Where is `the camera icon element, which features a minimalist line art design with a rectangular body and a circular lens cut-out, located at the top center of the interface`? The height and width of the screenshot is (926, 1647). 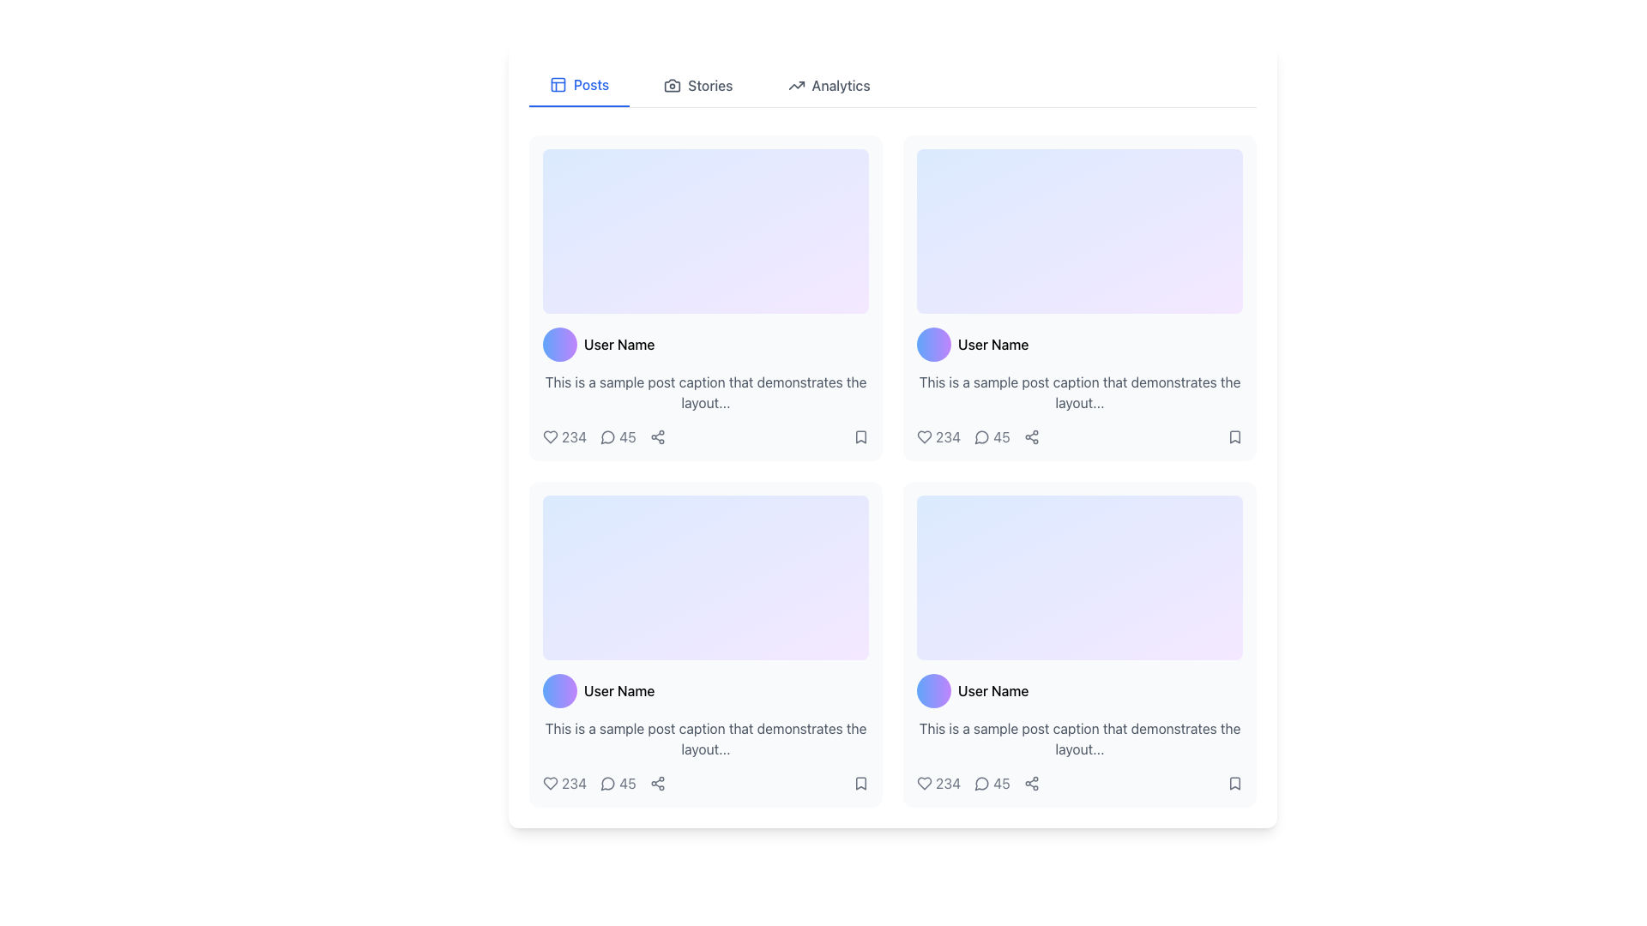
the camera icon element, which features a minimalist line art design with a rectangular body and a circular lens cut-out, located at the top center of the interface is located at coordinates (672, 86).